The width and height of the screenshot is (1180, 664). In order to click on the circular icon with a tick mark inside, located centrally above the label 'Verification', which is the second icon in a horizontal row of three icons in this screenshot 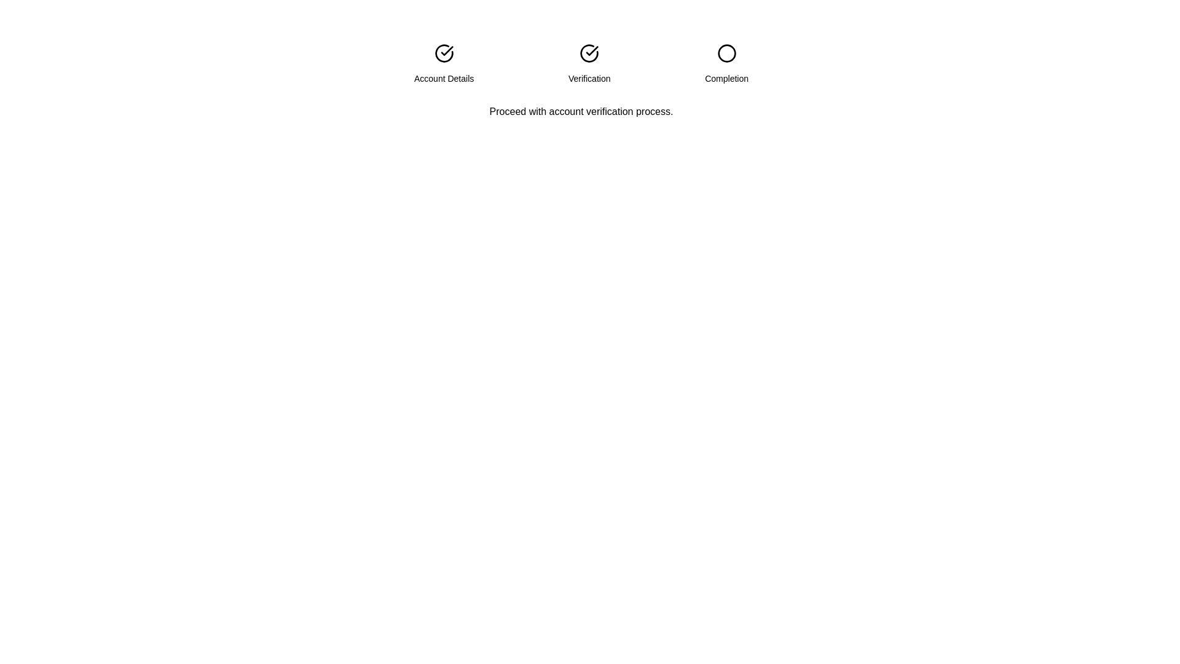, I will do `click(589, 53)`.